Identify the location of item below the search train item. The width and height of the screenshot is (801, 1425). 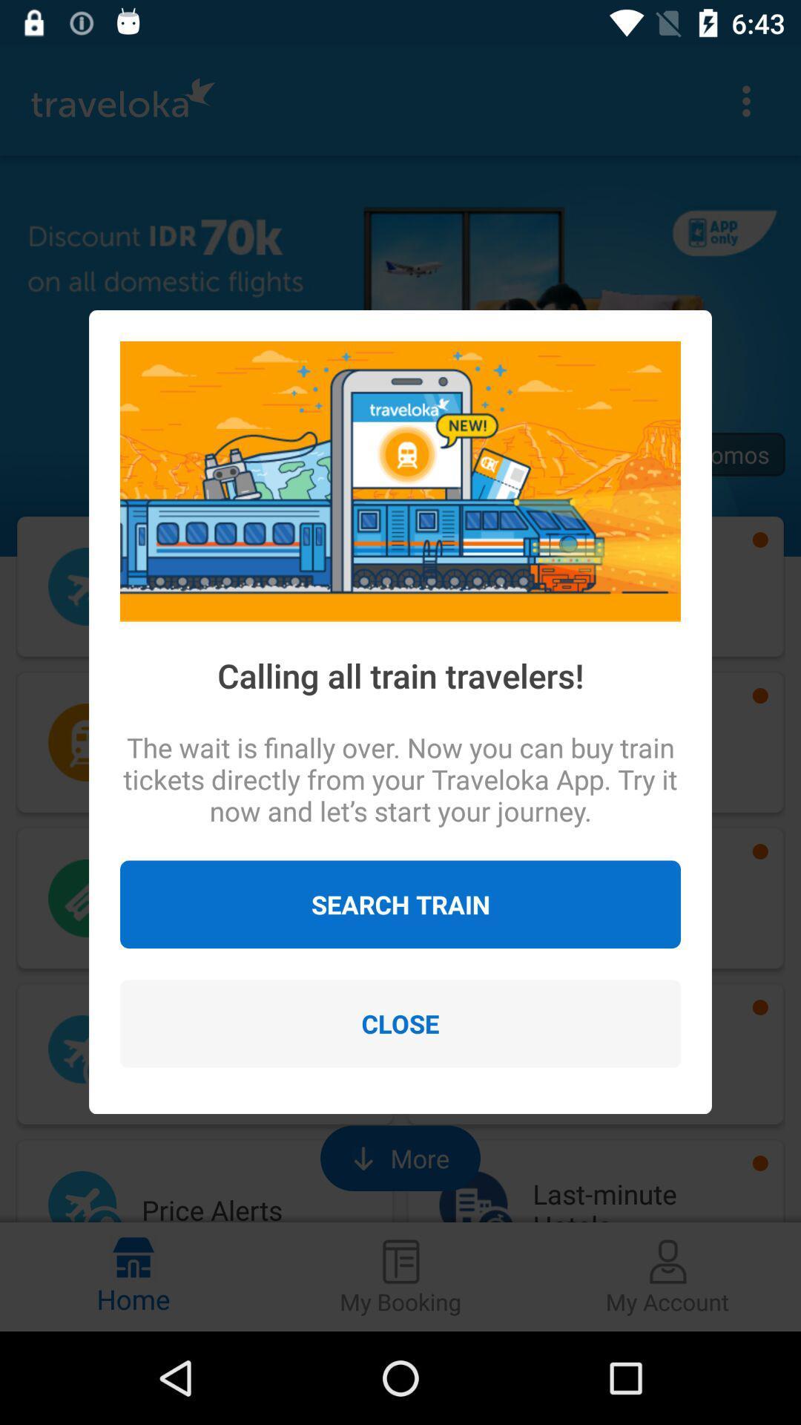
(400, 1023).